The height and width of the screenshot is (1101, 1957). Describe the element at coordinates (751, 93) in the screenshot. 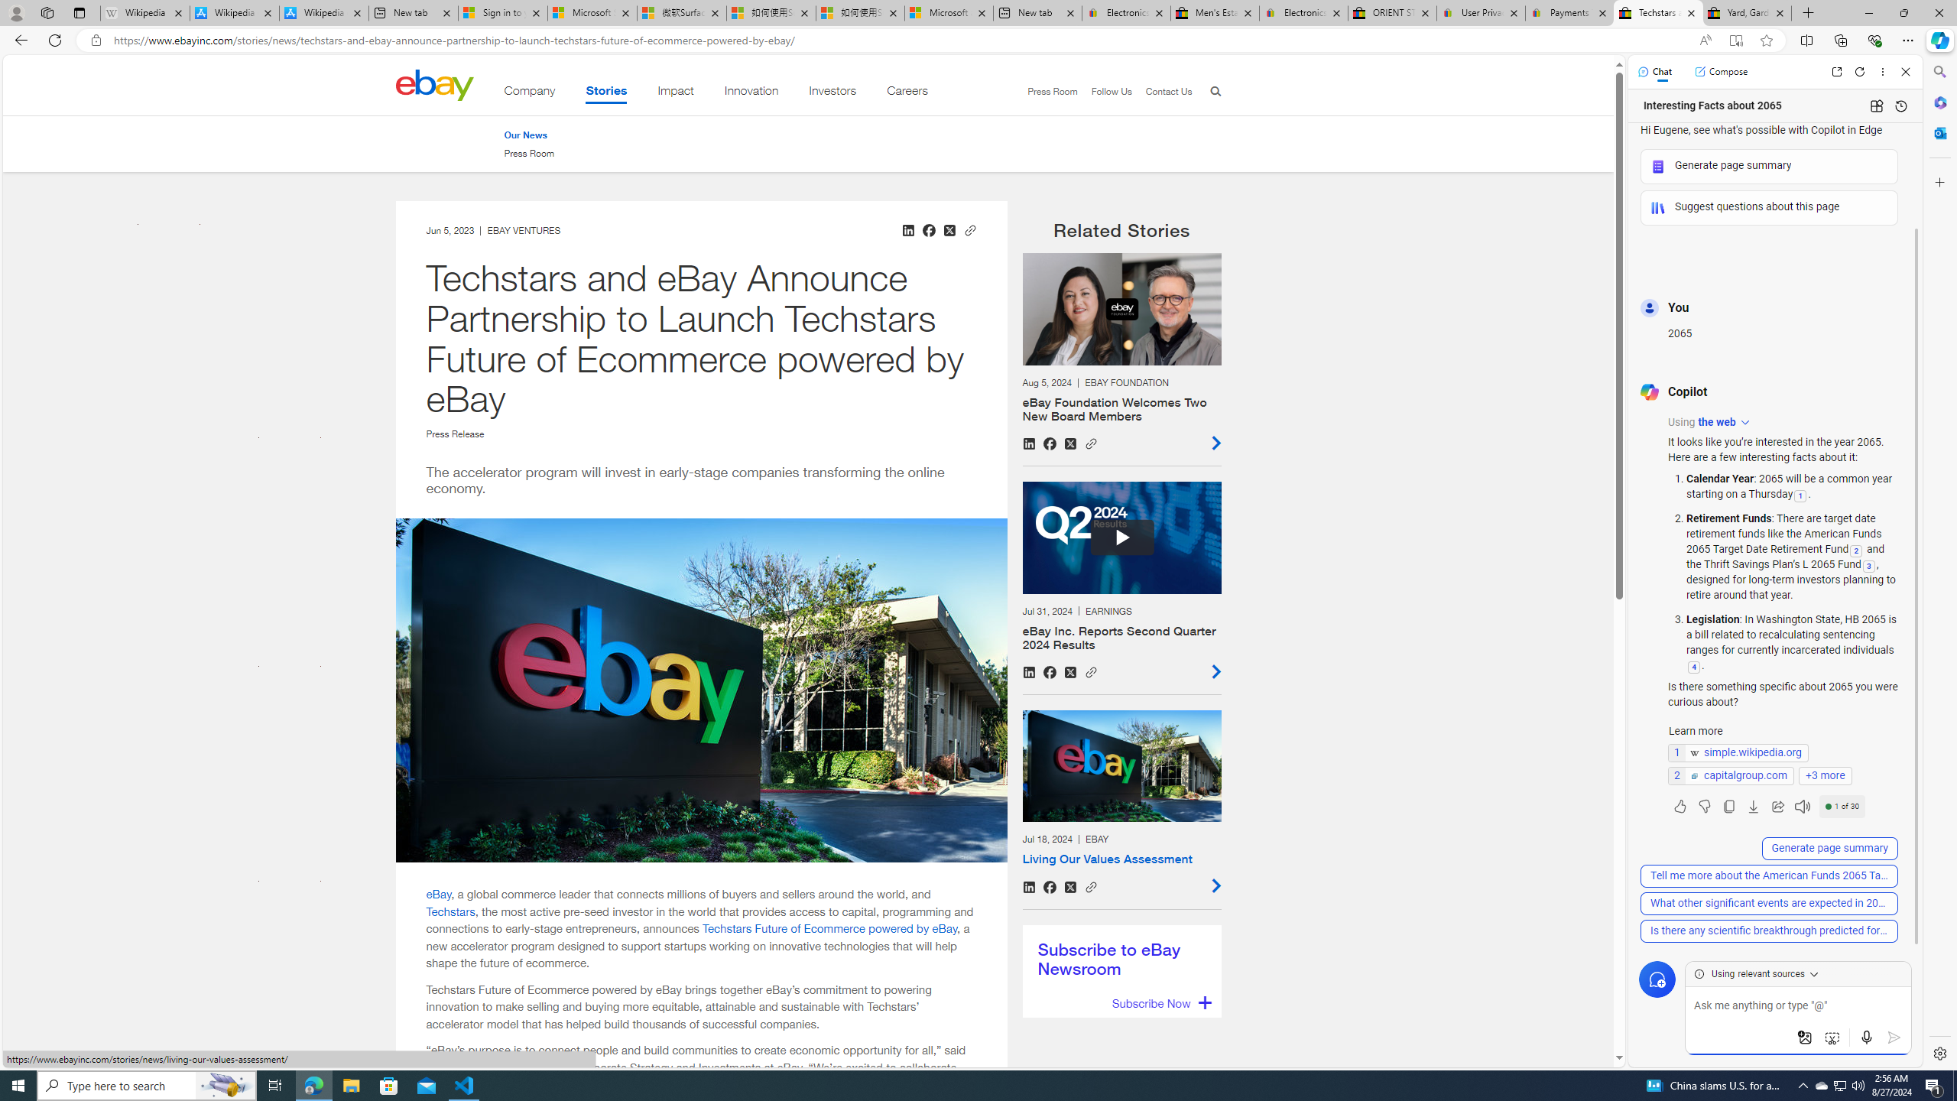

I see `'Innovation'` at that location.